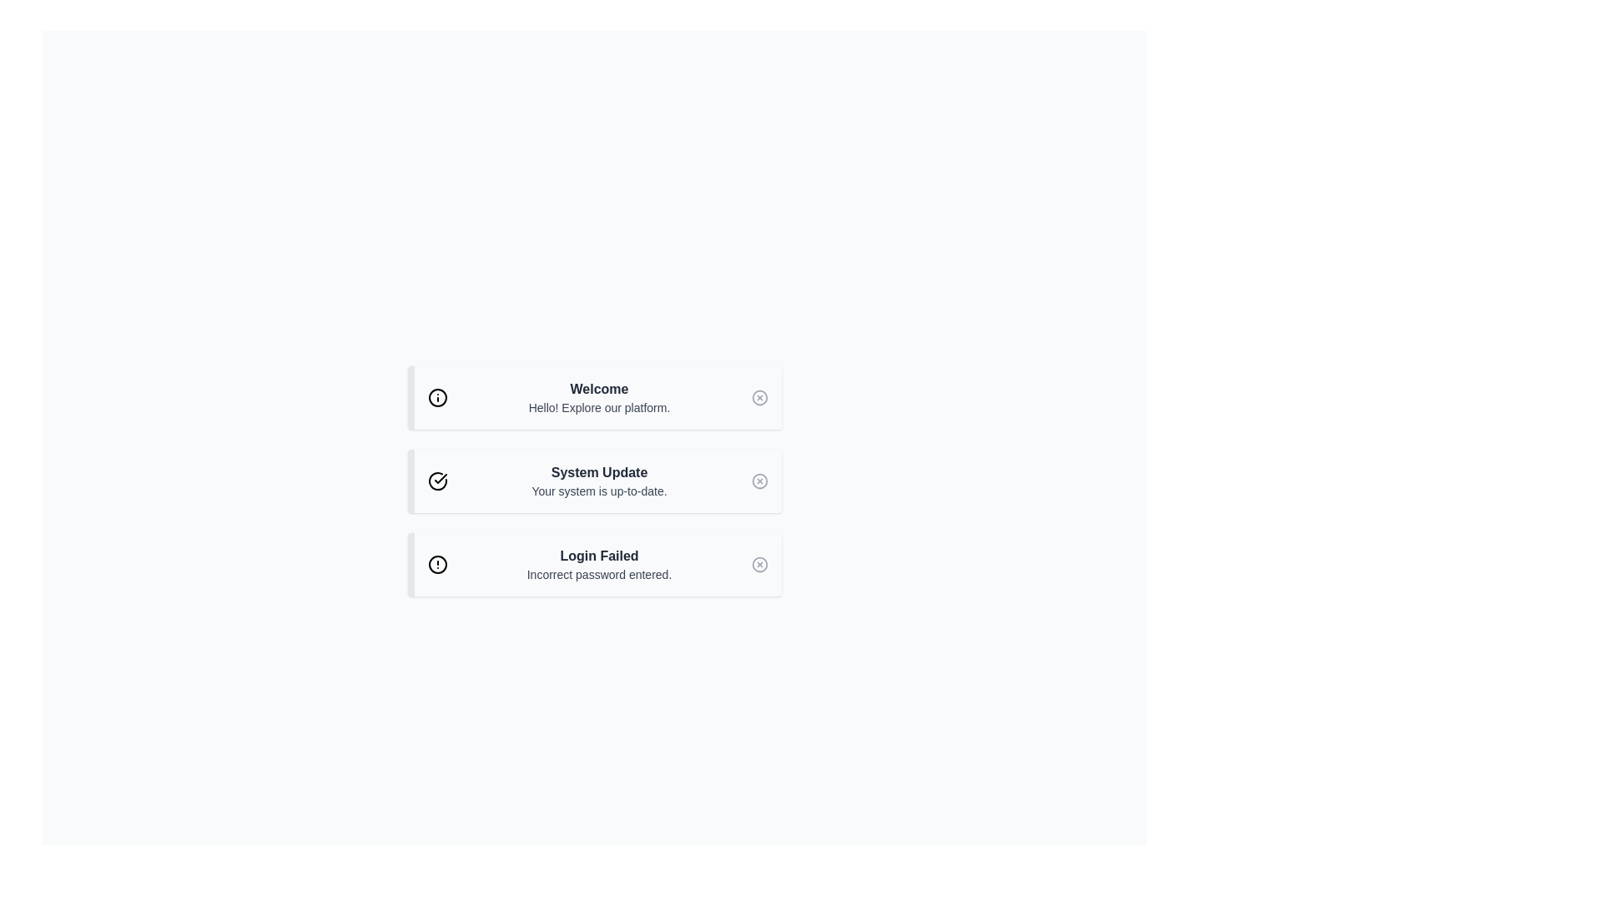 Image resolution: width=1602 pixels, height=901 pixels. What do you see at coordinates (437, 564) in the screenshot?
I see `the red circular warning icon with an exclamation glyph located in the 'Login Failed' section, to the immediate left of the text 'Login Failed Incorrect password entered.'` at bounding box center [437, 564].